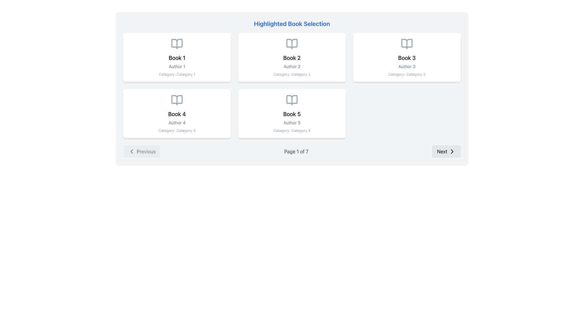 This screenshot has width=587, height=330. I want to click on the second card in the grid that represents a book listing, located in the top row and second column, between 'Book 1' and 'Book 3', so click(292, 57).